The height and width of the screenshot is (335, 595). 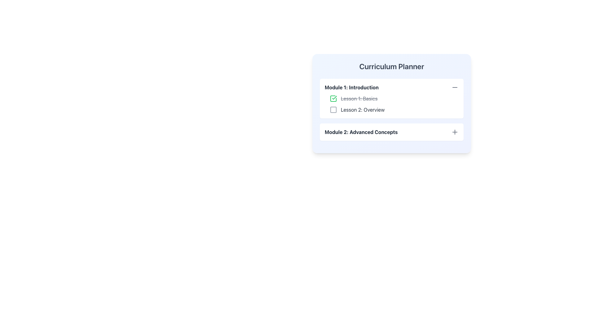 I want to click on the gray, strikethrough text that reads 'Lesson 1: Basics,' which is grouped with a green checkmark icon in the Curriculum Planner module under 'Module 1: Introduction.', so click(x=359, y=98).